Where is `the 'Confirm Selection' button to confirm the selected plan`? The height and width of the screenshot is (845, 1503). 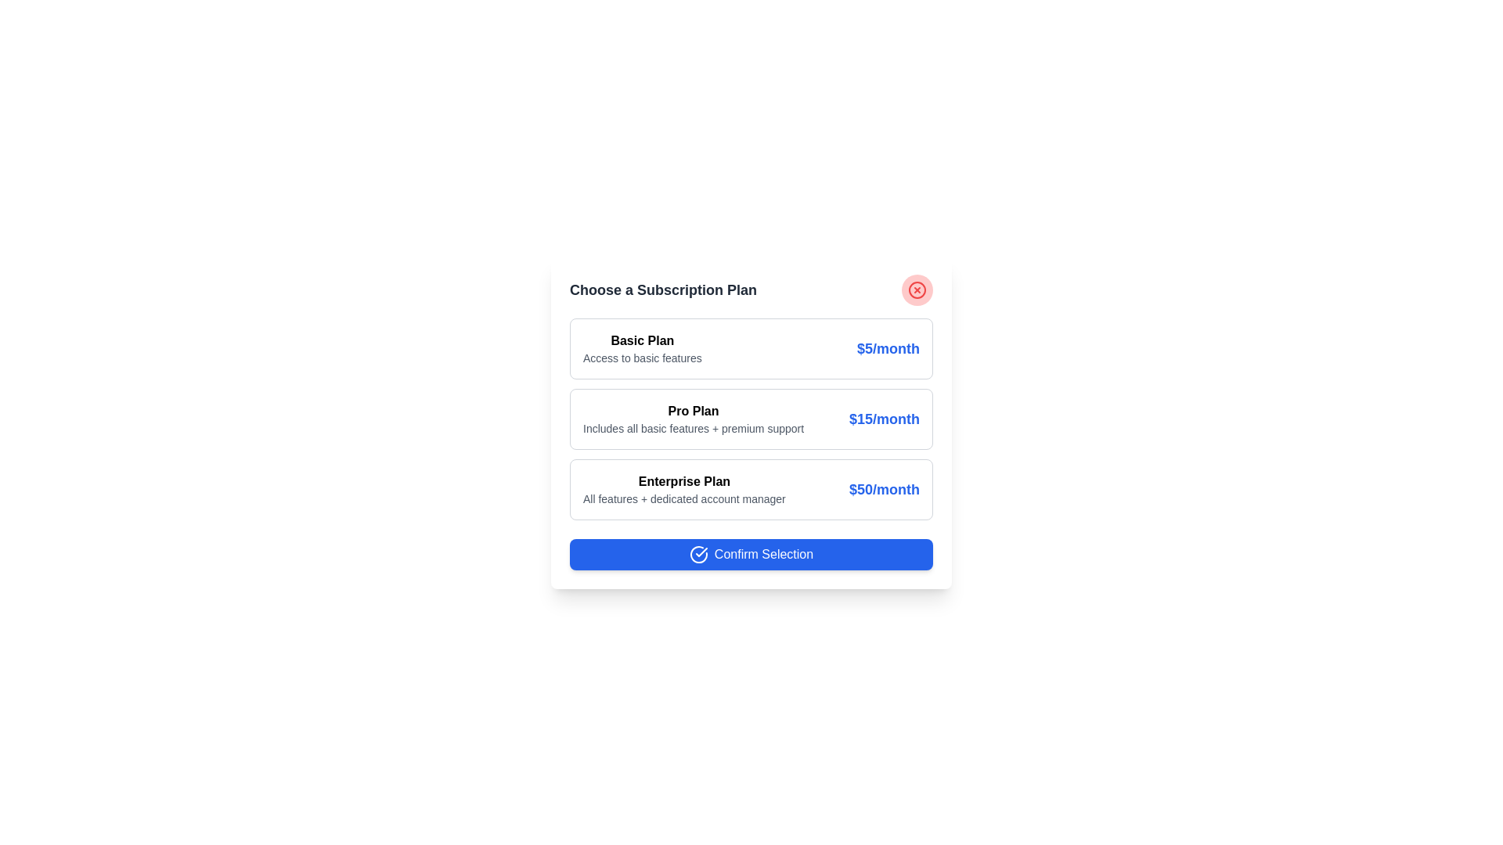 the 'Confirm Selection' button to confirm the selected plan is located at coordinates (751, 554).